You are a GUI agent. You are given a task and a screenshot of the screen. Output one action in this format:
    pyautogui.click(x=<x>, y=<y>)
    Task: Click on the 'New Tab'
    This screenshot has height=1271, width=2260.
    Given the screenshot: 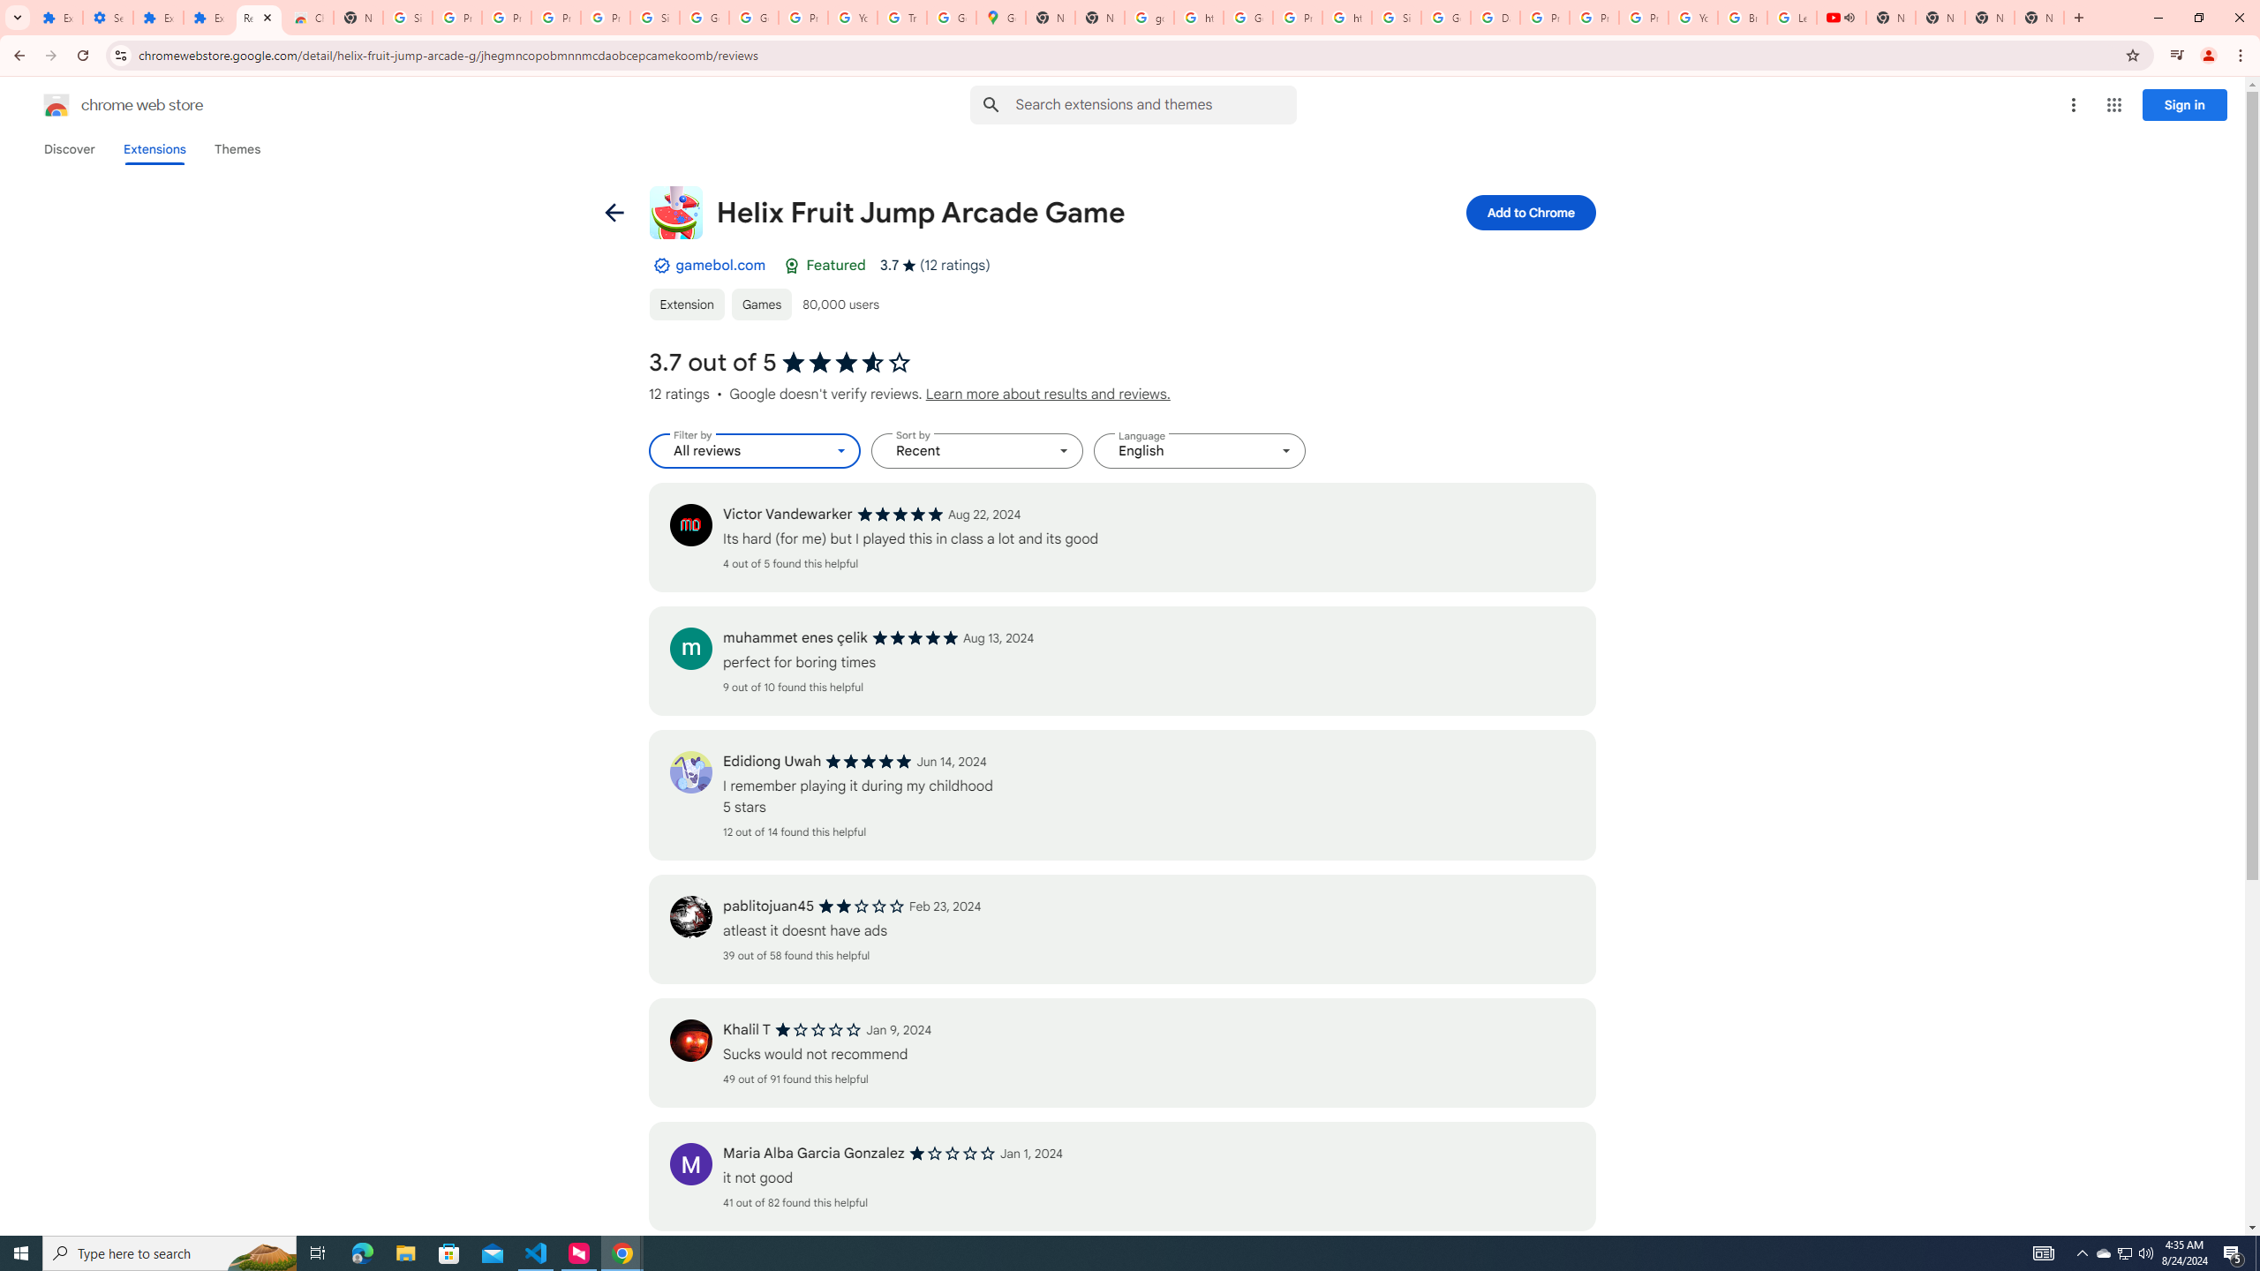 What is the action you would take?
    pyautogui.click(x=2039, y=17)
    